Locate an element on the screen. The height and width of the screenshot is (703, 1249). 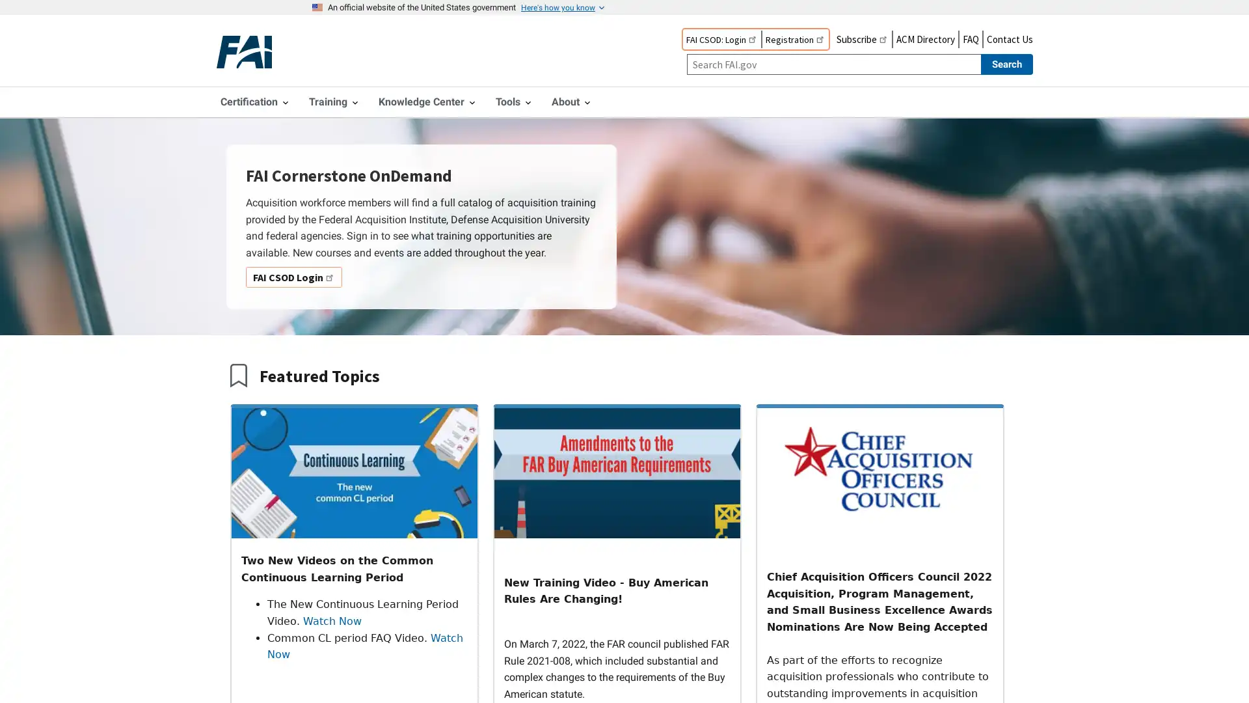
Knowledge Center is located at coordinates (425, 101).